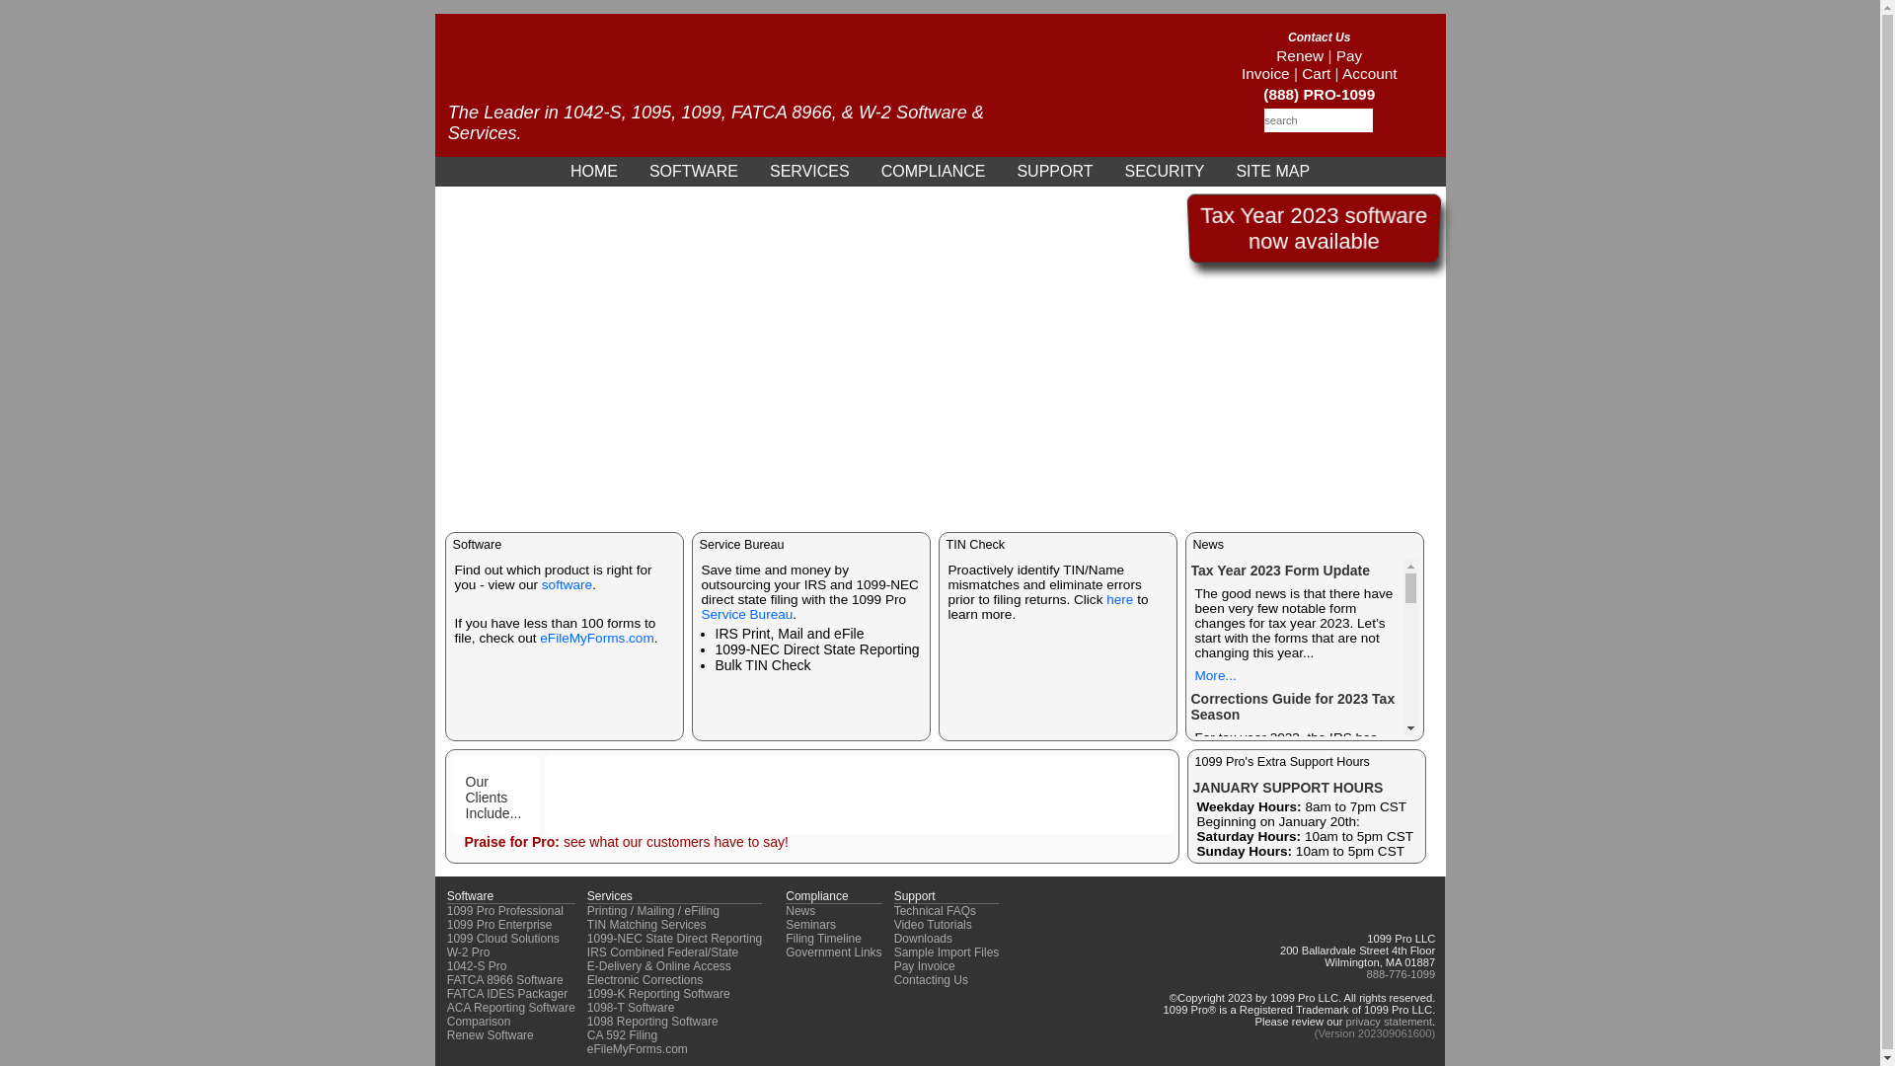 The image size is (1895, 1066). I want to click on 'Renew', so click(1275, 54).